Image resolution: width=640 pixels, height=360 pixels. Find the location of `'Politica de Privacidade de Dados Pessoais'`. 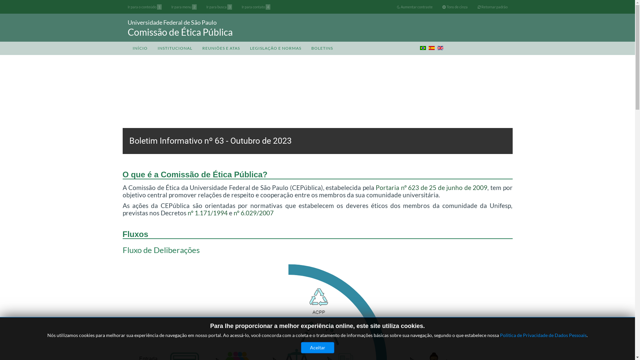

'Politica de Privacidade de Dados Pessoais' is located at coordinates (543, 335).